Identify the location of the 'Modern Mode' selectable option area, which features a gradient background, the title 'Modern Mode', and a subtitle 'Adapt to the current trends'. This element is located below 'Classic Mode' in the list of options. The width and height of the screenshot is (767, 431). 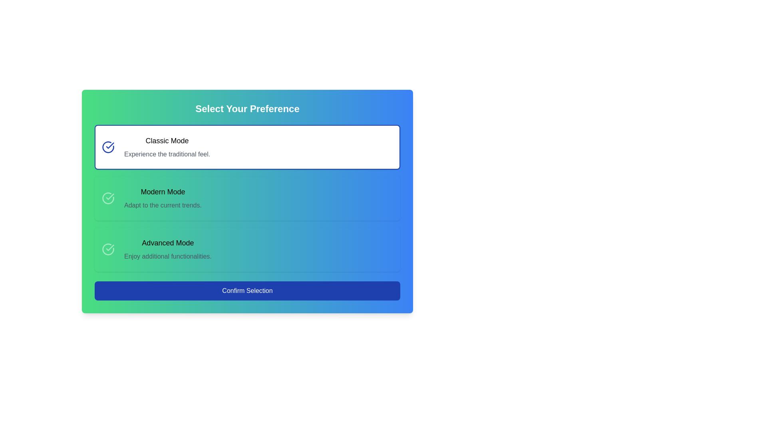
(247, 198).